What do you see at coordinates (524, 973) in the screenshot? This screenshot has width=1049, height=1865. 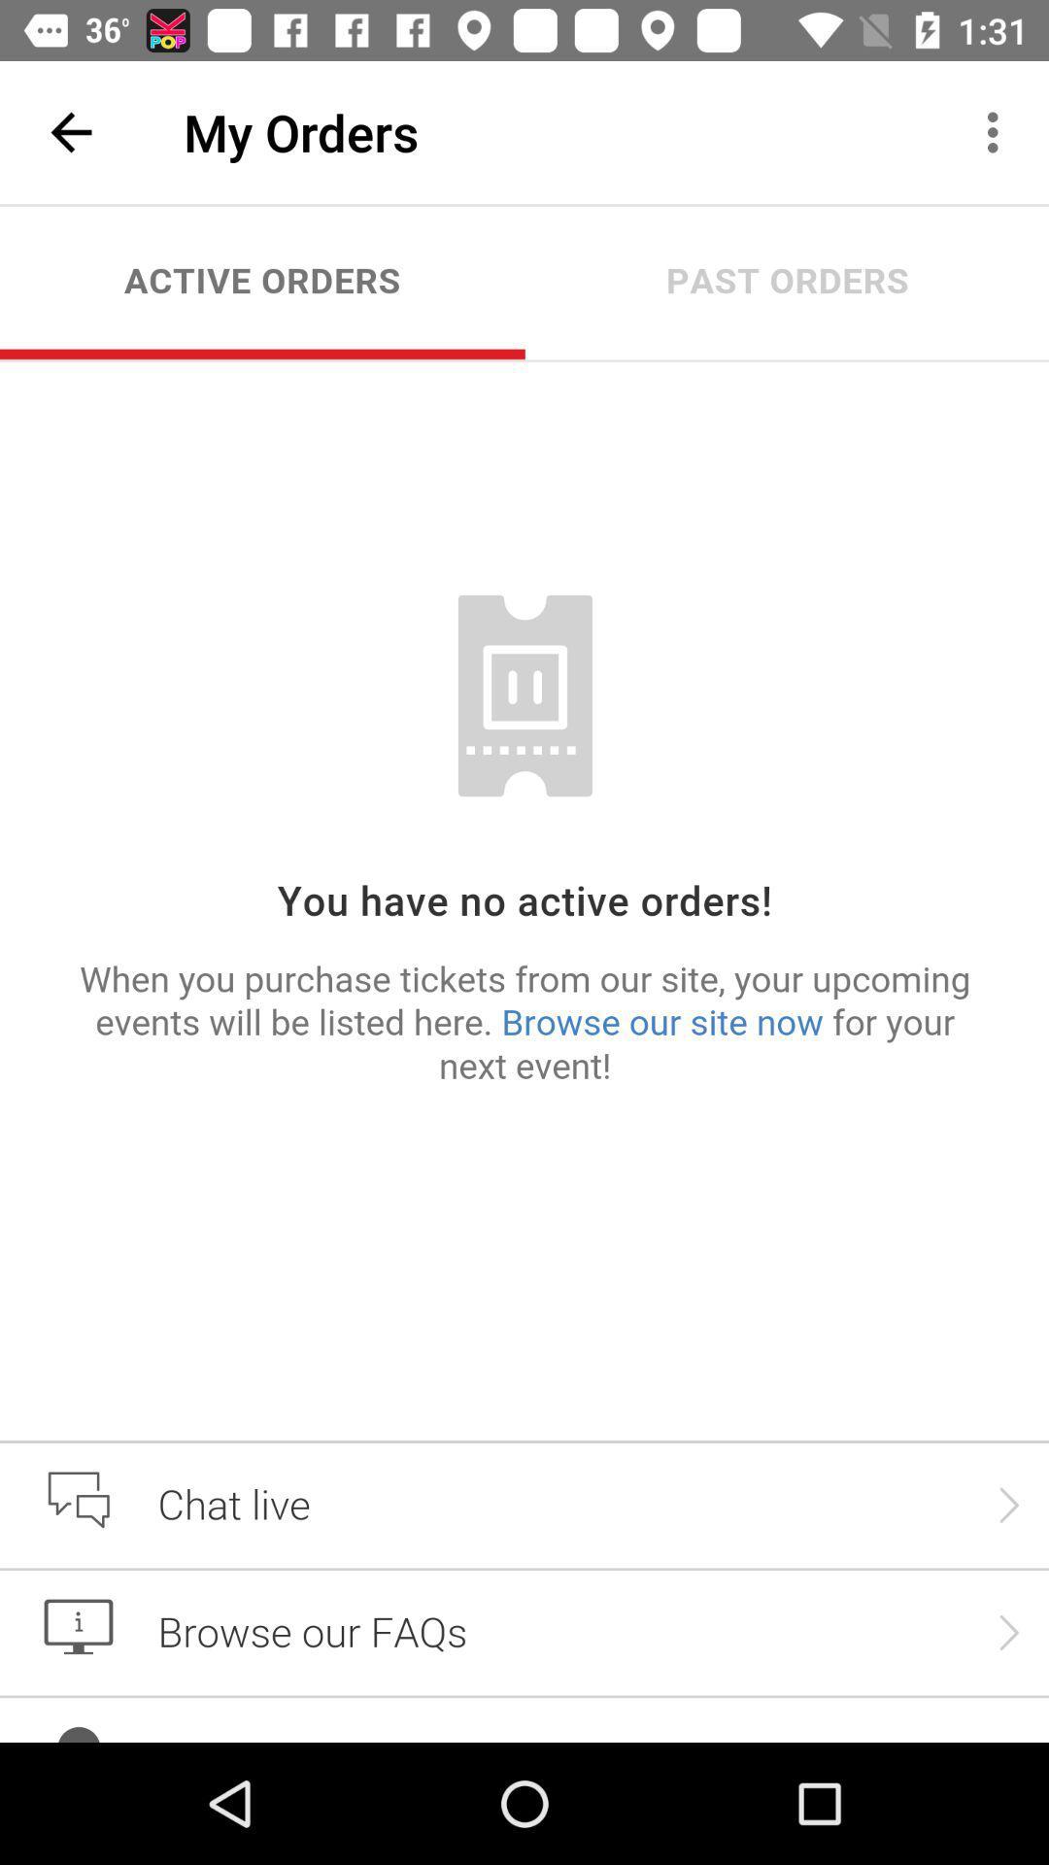 I see `my orders page` at bounding box center [524, 973].